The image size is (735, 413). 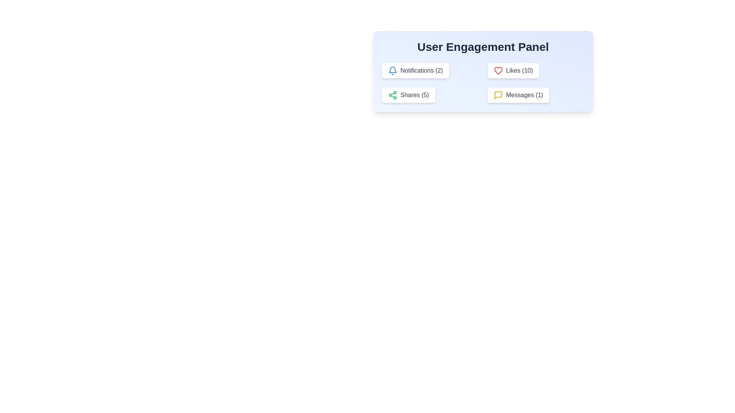 I want to click on the yellow speech bubble icon representing the messaging feature, so click(x=498, y=95).